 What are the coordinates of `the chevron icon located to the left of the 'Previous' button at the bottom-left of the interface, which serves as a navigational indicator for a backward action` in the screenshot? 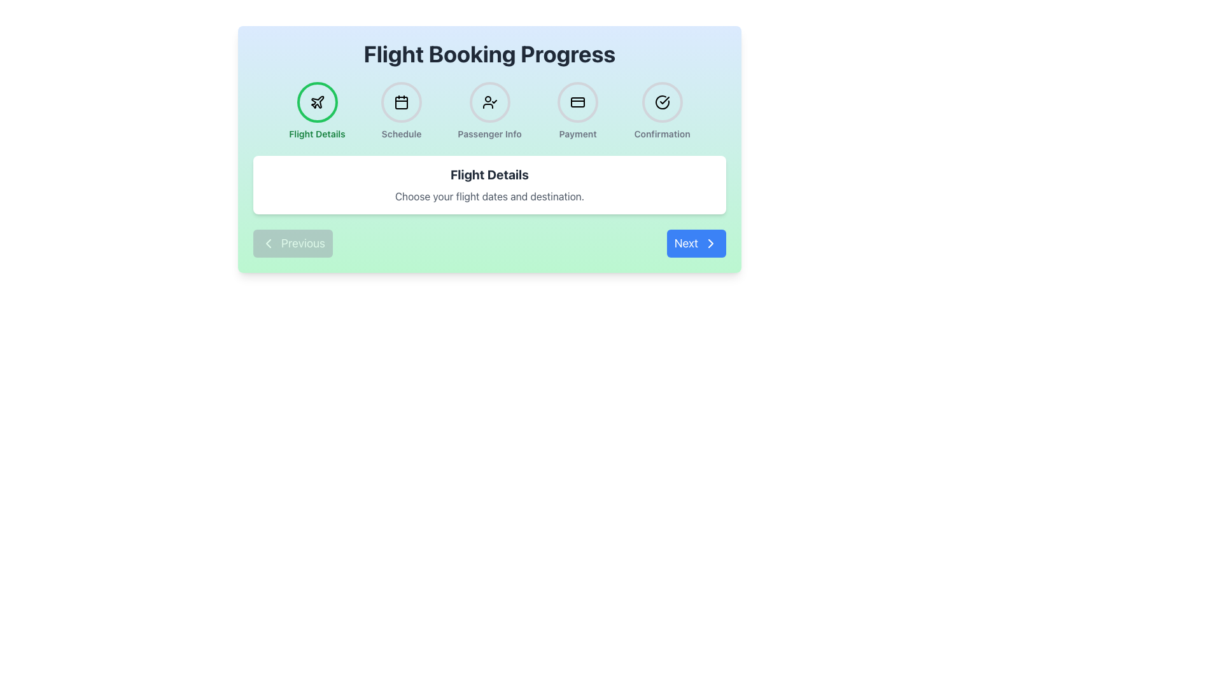 It's located at (268, 243).